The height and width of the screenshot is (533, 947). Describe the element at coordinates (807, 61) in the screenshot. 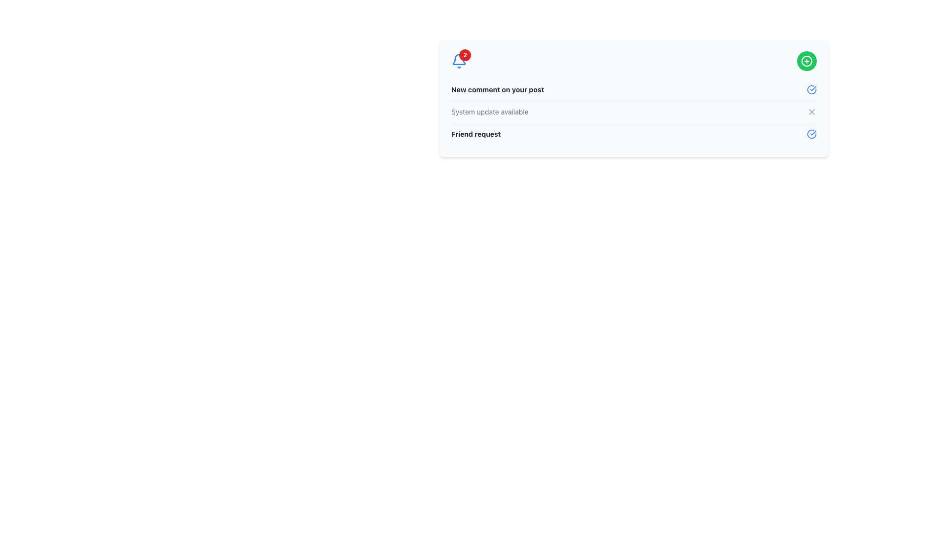

I see `the circular green button with a white plus icon located at the top-right corner of the notification card` at that location.